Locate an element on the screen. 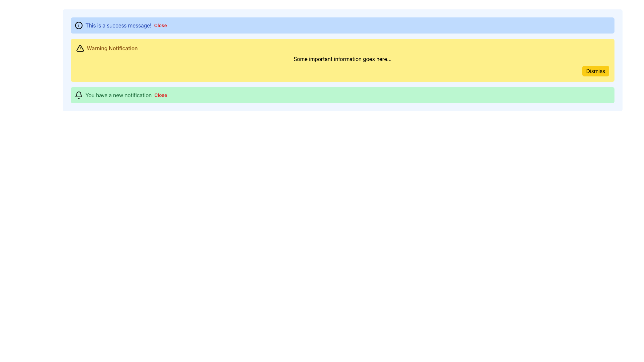 The image size is (644, 362). the triangular warning icon in the yellow notification bar labeled 'Warning Notification' to identify its alerting function is located at coordinates (80, 48).